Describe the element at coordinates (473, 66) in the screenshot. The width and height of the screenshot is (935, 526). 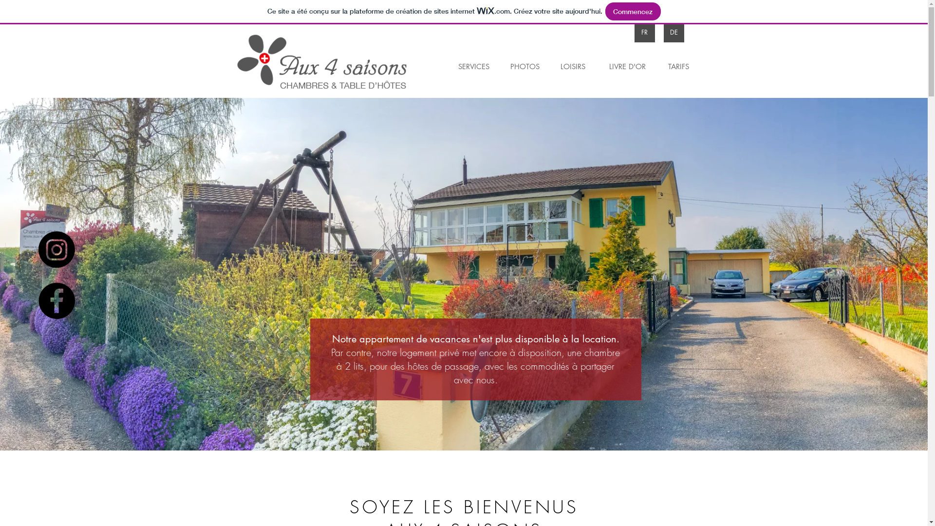
I see `'SERVICES'` at that location.